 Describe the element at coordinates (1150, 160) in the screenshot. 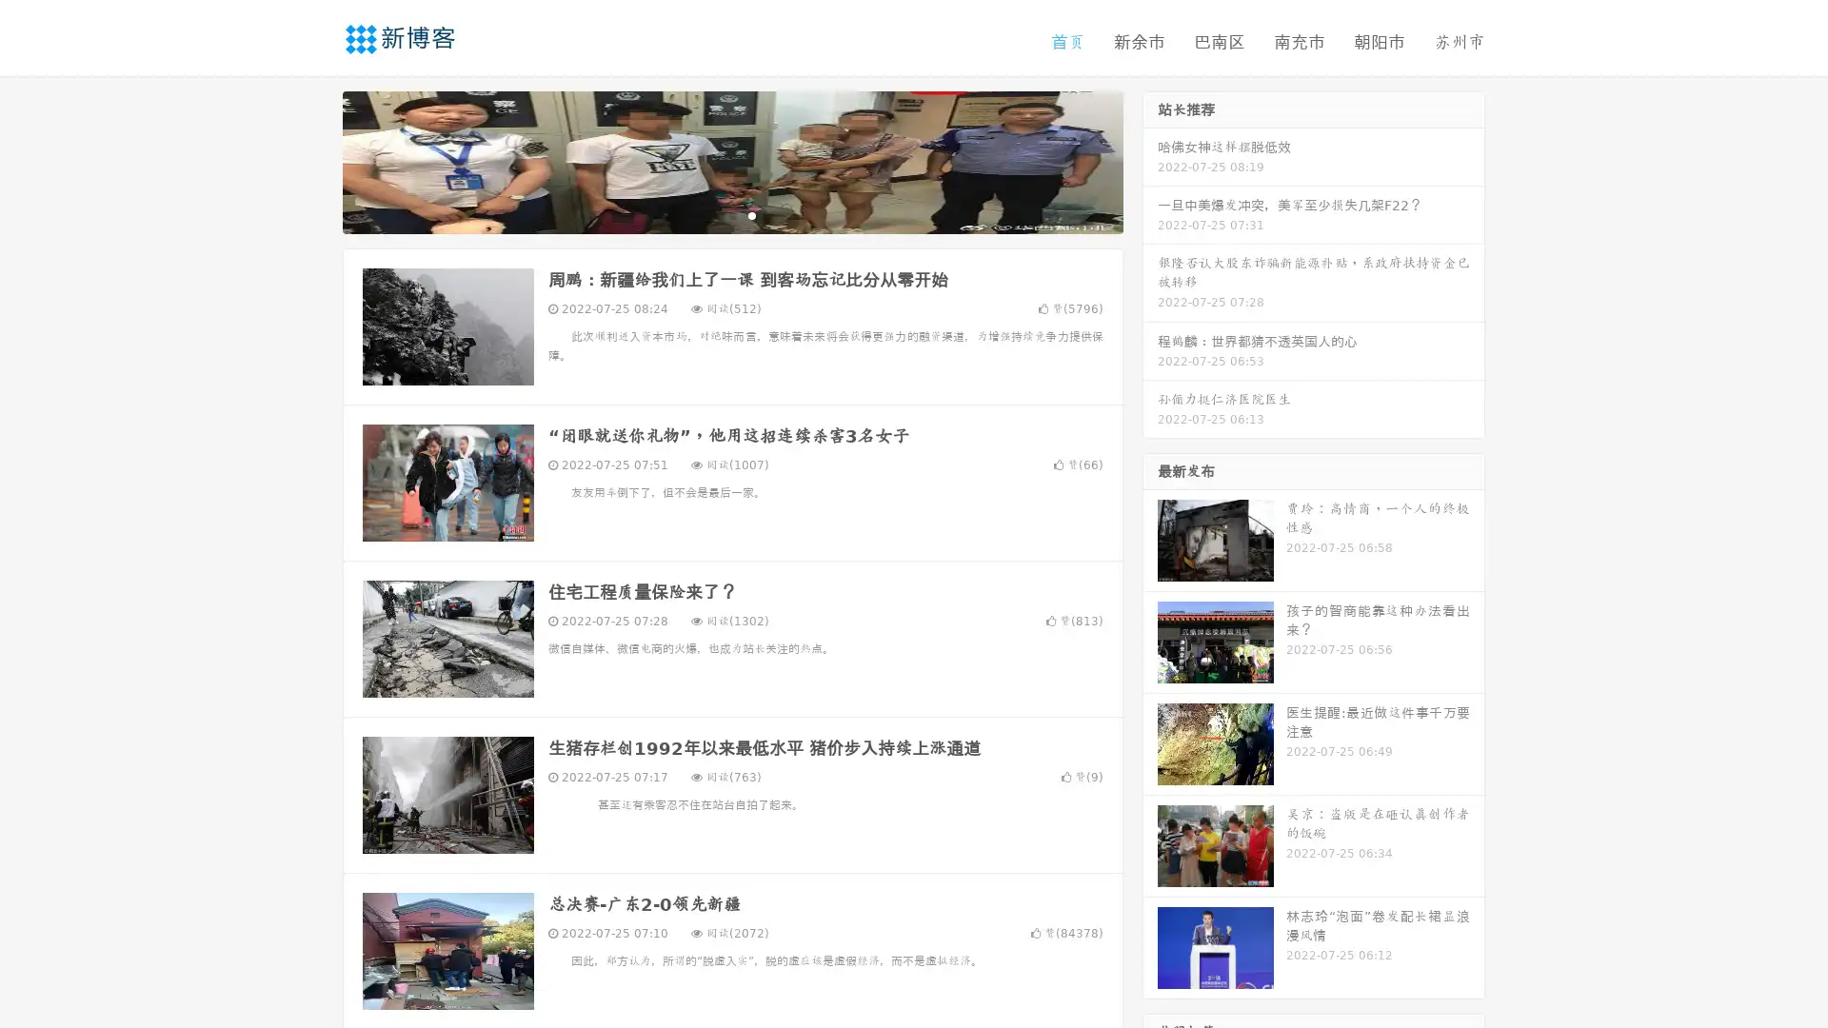

I see `Next slide` at that location.